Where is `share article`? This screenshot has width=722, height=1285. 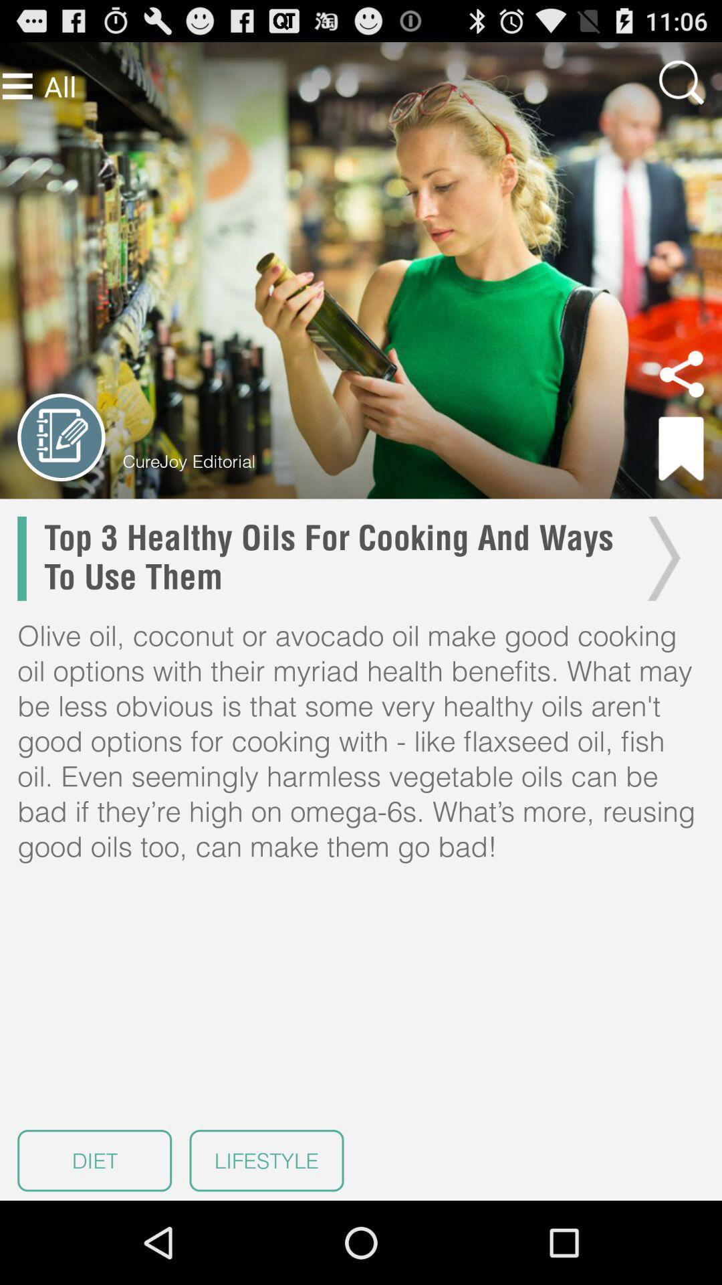
share article is located at coordinates (681, 374).